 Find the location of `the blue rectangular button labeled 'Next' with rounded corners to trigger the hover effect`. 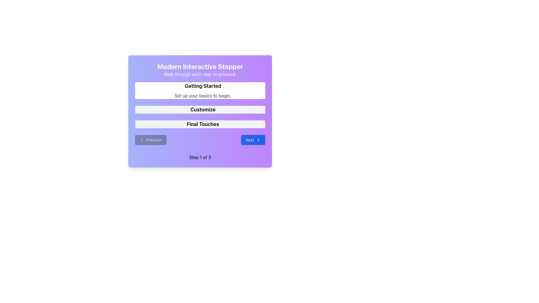

the blue rectangular button labeled 'Next' with rounded corners to trigger the hover effect is located at coordinates (253, 139).